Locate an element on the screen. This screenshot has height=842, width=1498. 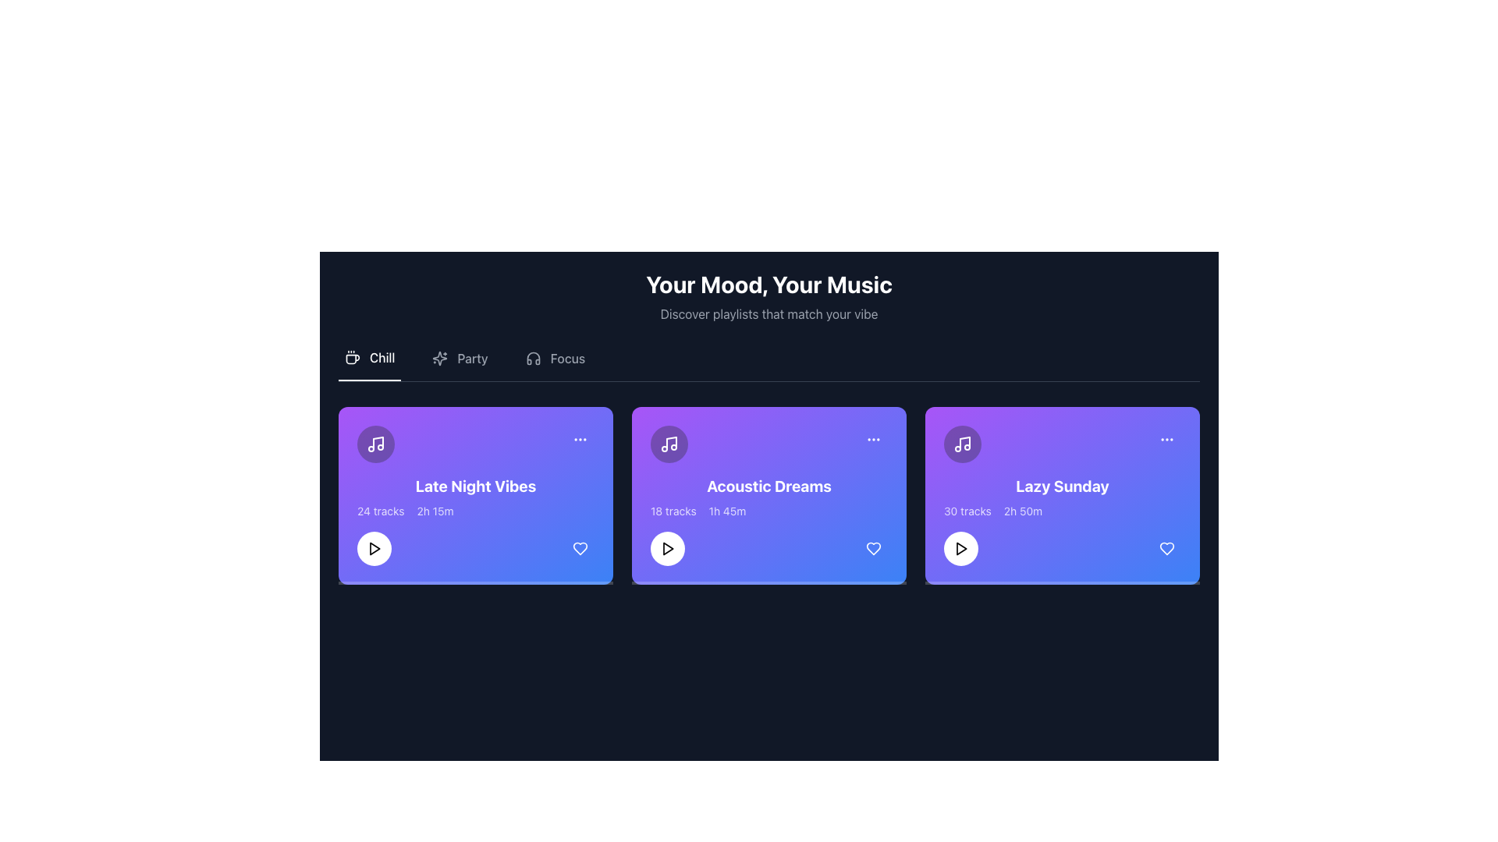
the Vector graphic icon component representing a music playlist within the 'Acoustic Dreams' card, located at the top-left corner adjacent to the explanatory text is located at coordinates (671, 442).